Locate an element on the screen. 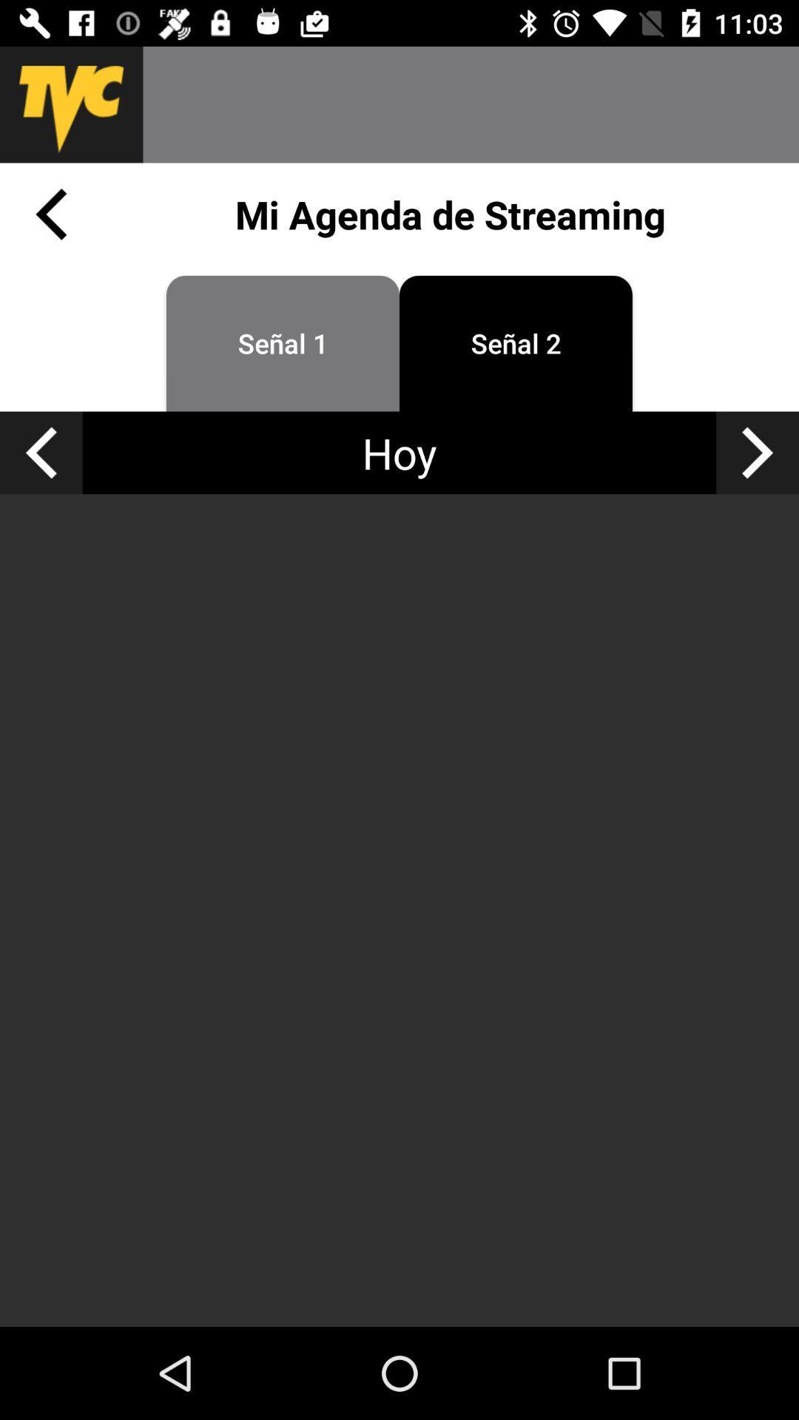 This screenshot has width=799, height=1420. the item below the mi agenda de is located at coordinates (283, 342).